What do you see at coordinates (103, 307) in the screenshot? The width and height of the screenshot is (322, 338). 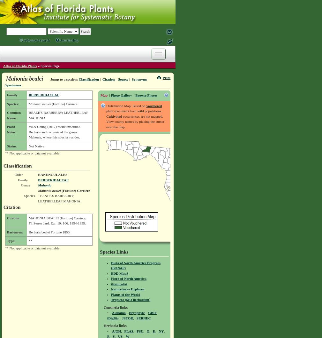 I see `'Consortia links'` at bounding box center [103, 307].